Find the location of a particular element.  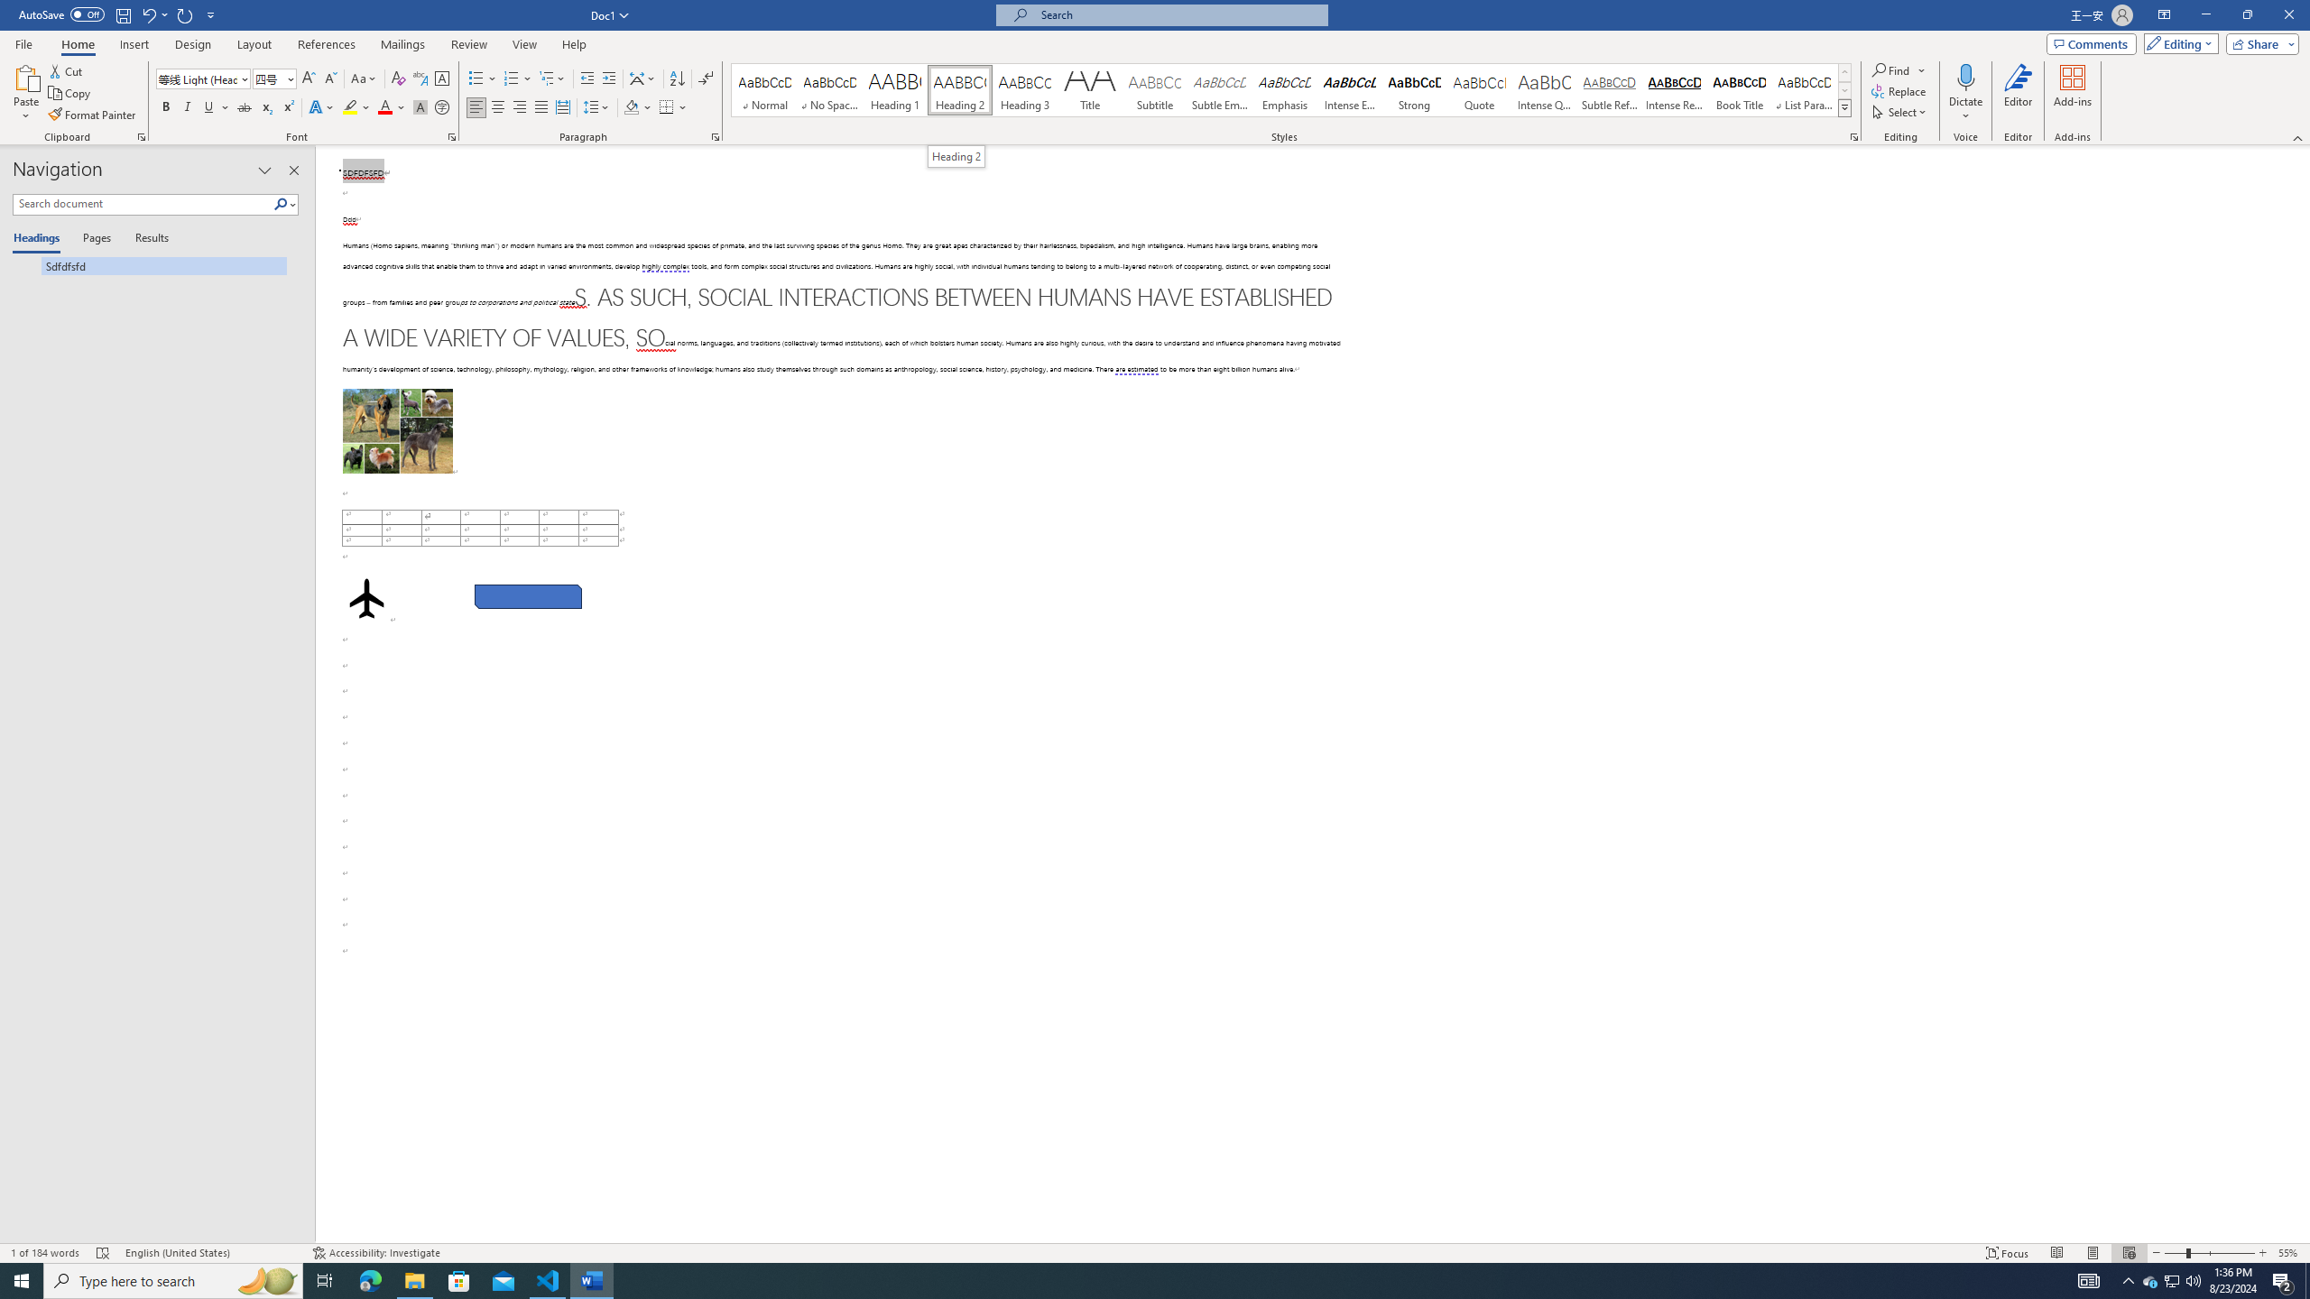

'Rectangle: Diagonal Corners Snipped 2' is located at coordinates (526, 595).